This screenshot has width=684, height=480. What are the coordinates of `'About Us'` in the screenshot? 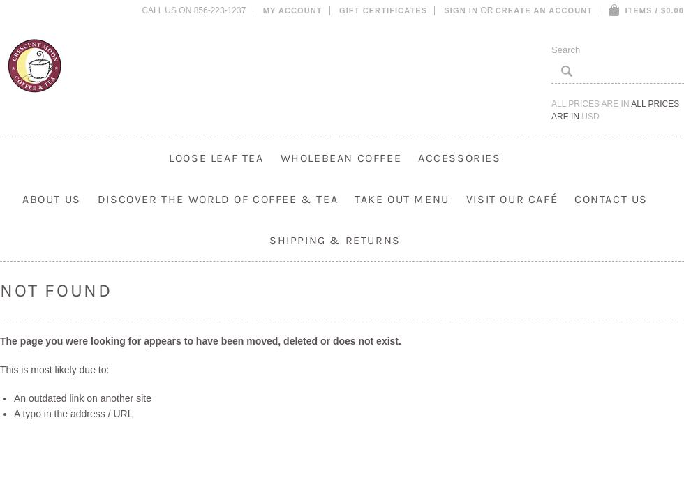 It's located at (51, 198).